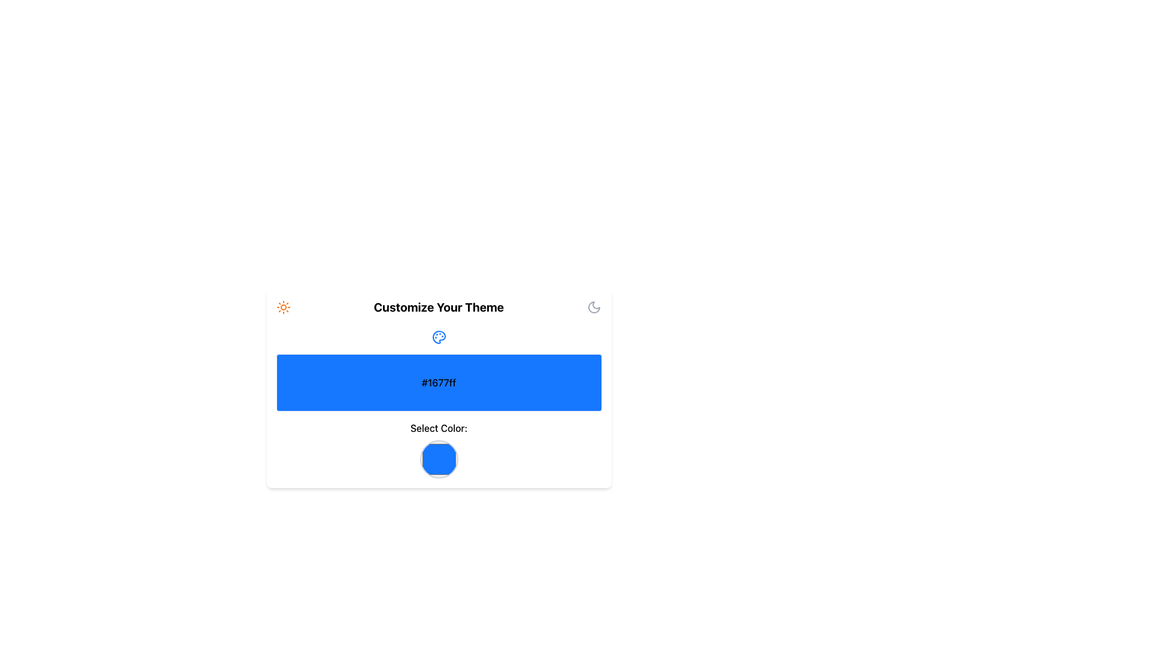 The height and width of the screenshot is (646, 1149). What do you see at coordinates (438, 383) in the screenshot?
I see `the Display panel that visually represents the specified color value and its hex code, which is centrally positioned below a palette icon and above the 'Select Color:' label` at bounding box center [438, 383].